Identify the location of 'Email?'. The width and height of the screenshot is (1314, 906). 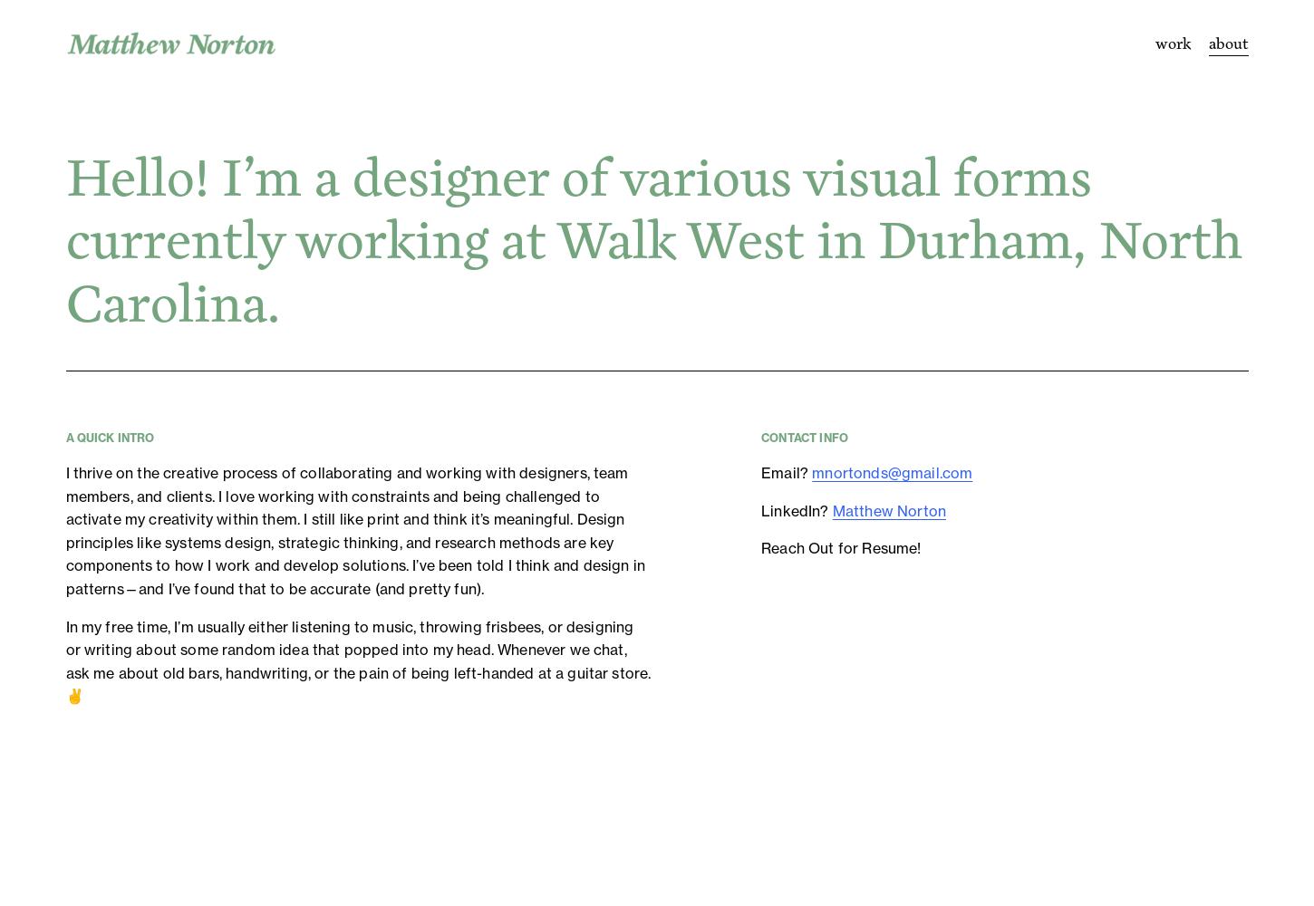
(785, 473).